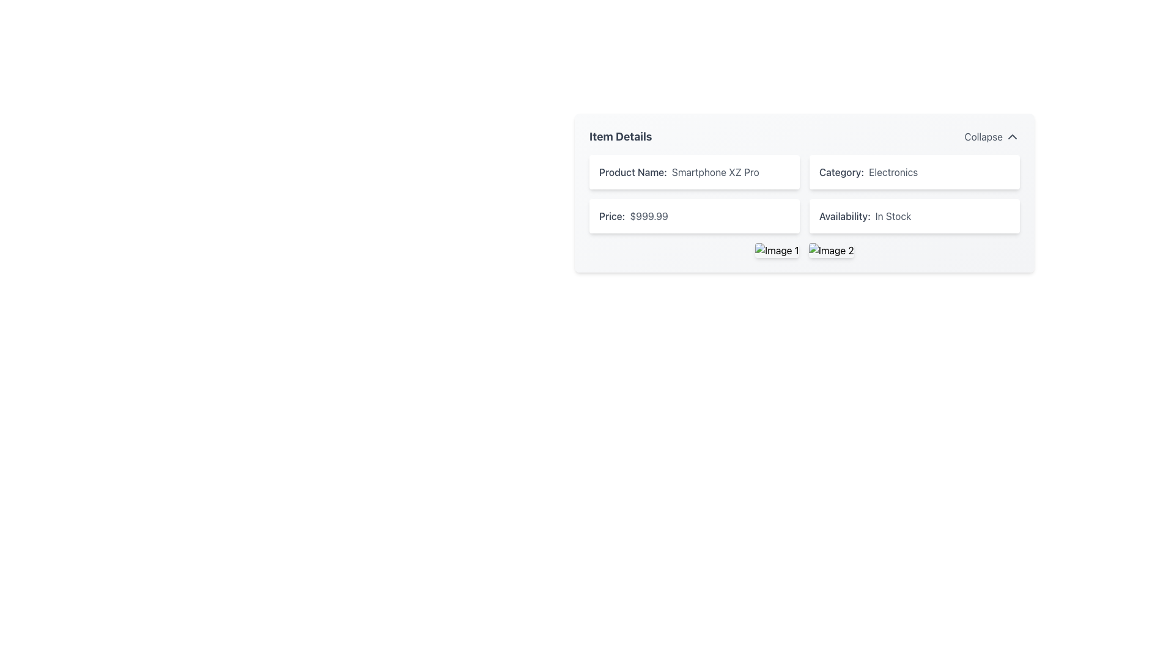 This screenshot has height=660, width=1174. I want to click on the 'In Stock' label, which is styled in gray and positioned next to 'Availability:' on the right side, so click(893, 216).